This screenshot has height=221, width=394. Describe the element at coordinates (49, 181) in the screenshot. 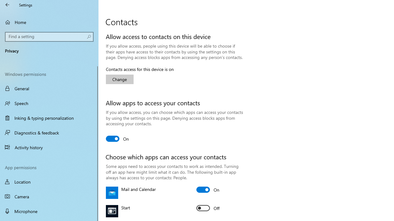

I see `'Location'` at that location.